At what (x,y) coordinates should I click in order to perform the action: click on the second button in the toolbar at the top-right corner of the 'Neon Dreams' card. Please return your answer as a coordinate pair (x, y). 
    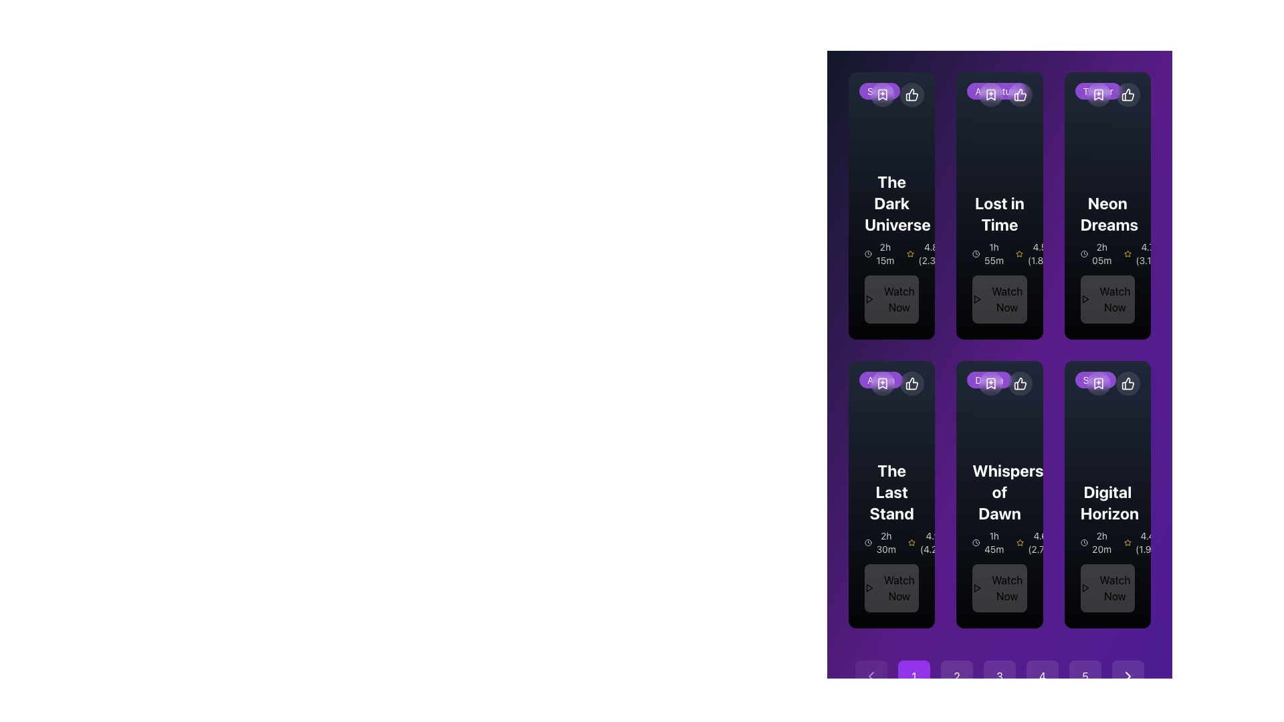
    Looking at the image, I should click on (1098, 94).